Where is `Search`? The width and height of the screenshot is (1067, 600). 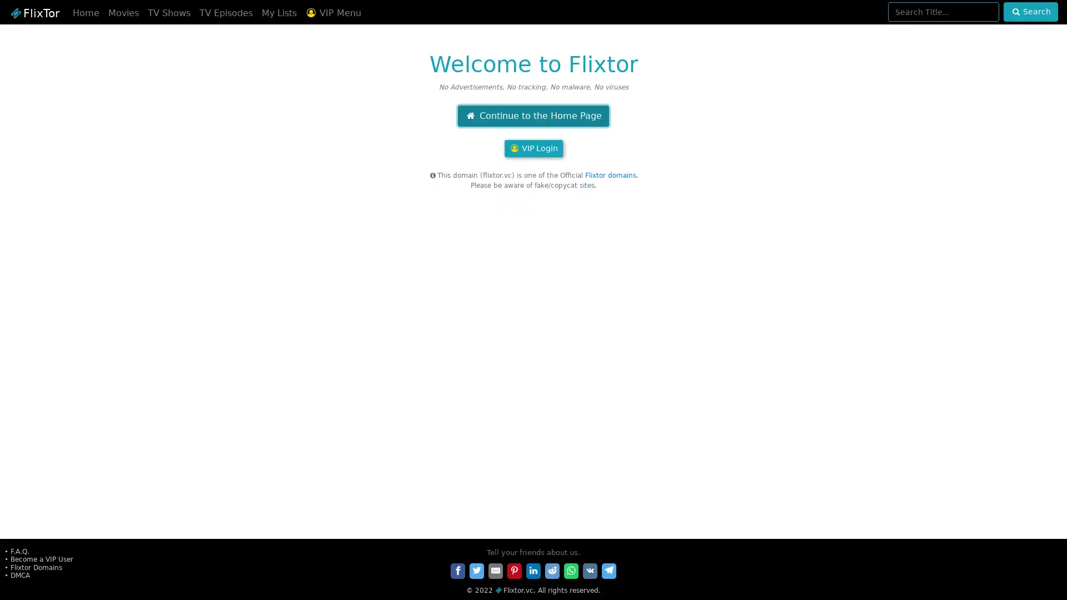 Search is located at coordinates (1030, 12).